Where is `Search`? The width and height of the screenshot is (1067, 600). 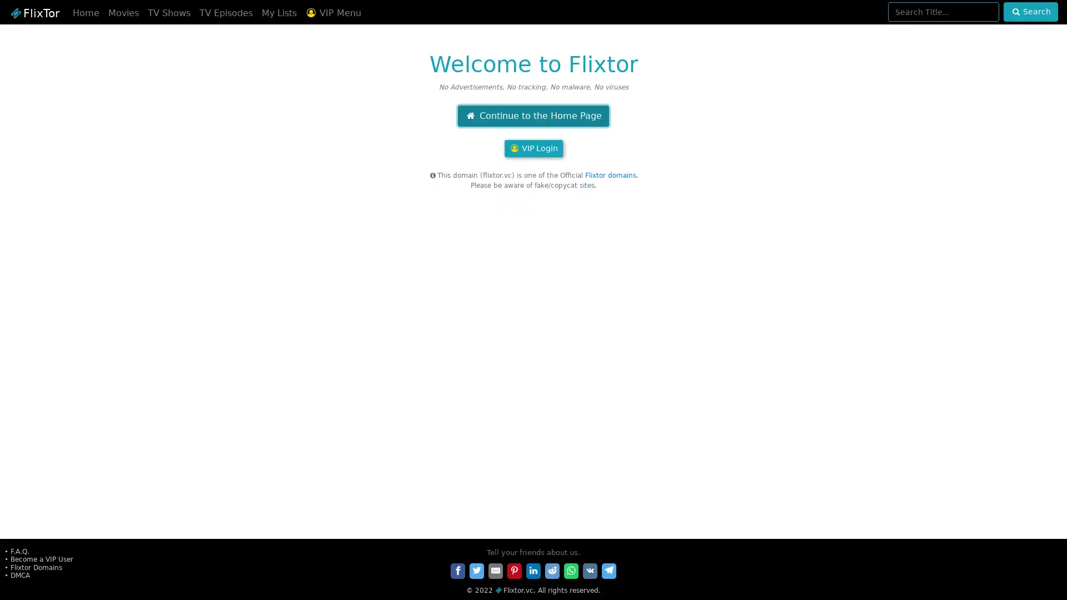 Search is located at coordinates (1030, 12).